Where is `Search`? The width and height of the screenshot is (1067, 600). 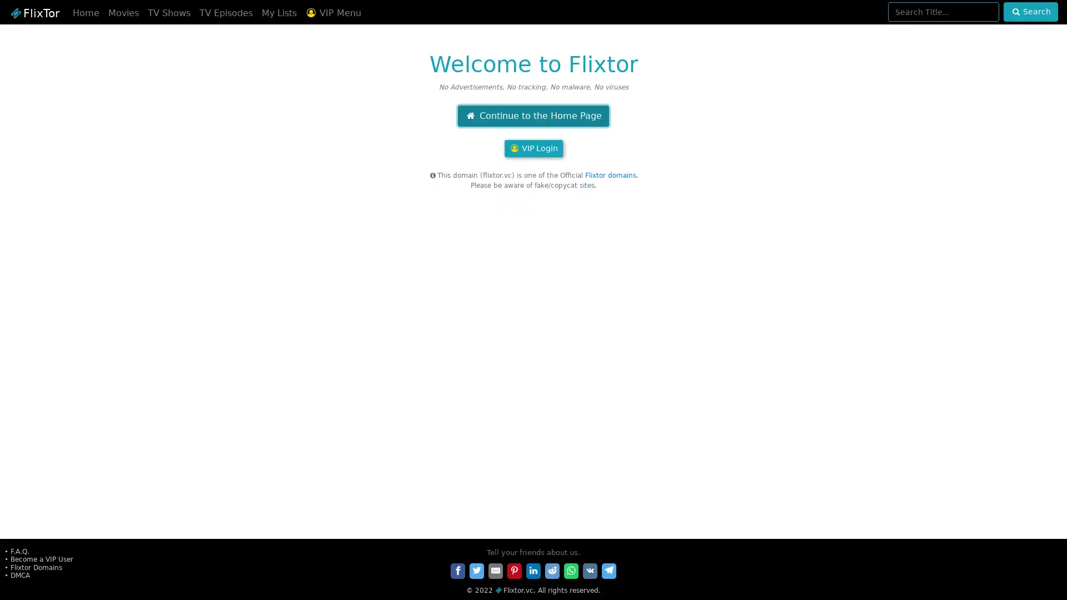 Search is located at coordinates (1030, 12).